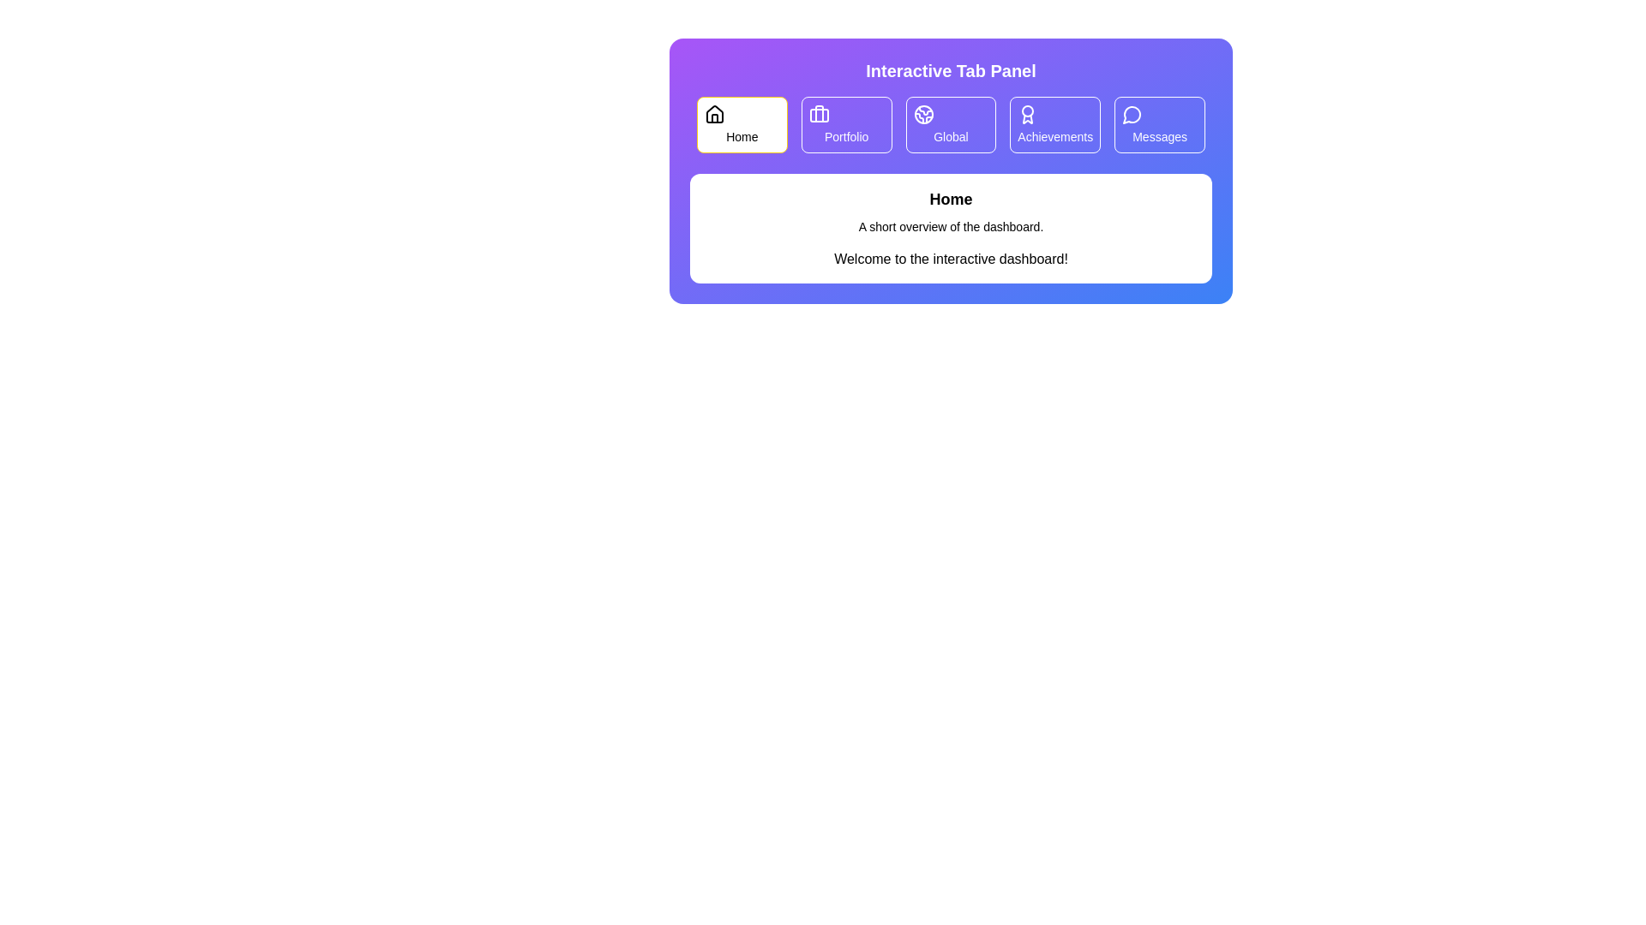  I want to click on the 'Portfolio' button, which is a rectangular button with a purple background and a white briefcase icon, located in the navigation bar, so click(846, 124).